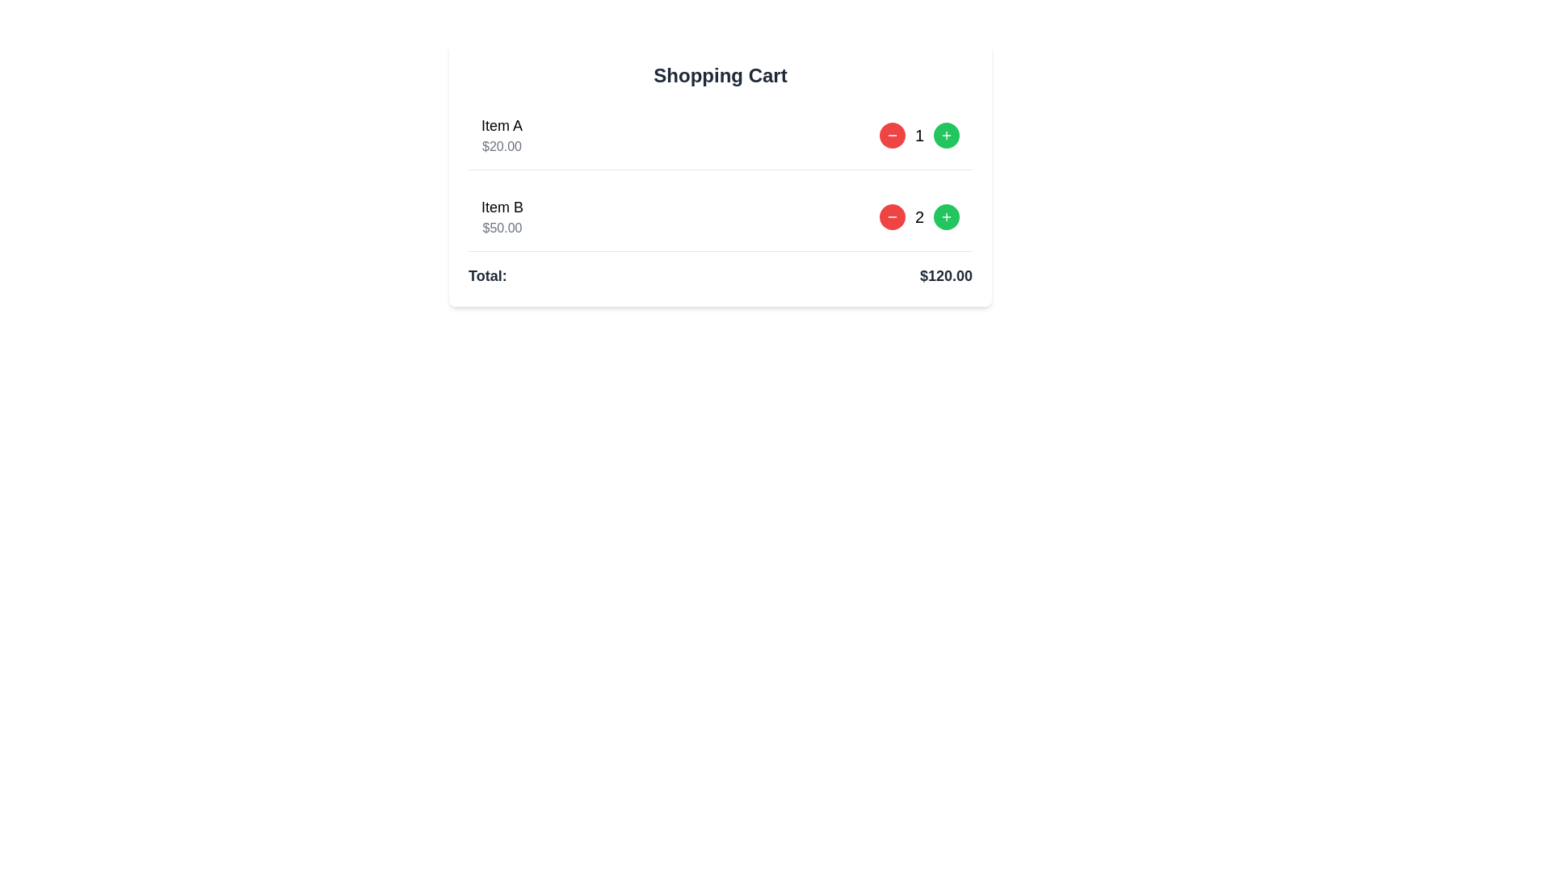 The image size is (1551, 872). I want to click on the plus icon in the green circular button for incrementing the quantity of 'Item A' in the shopping cart interface, so click(946, 135).